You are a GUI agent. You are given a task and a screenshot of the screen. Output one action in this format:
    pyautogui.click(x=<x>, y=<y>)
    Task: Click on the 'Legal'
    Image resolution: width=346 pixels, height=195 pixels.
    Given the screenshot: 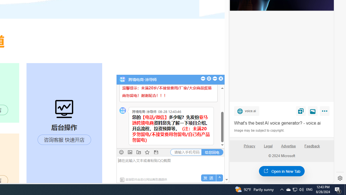 What is the action you would take?
    pyautogui.click(x=268, y=148)
    